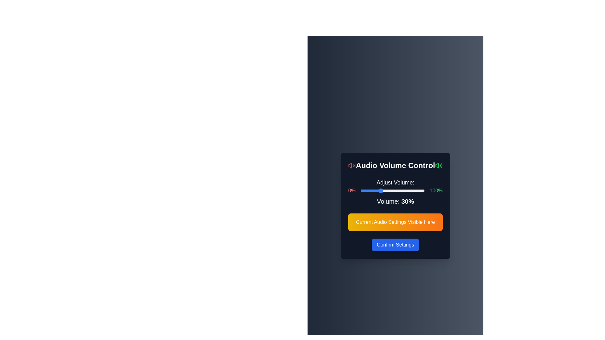 Image resolution: width=605 pixels, height=340 pixels. I want to click on the volume slider to 88%, so click(417, 190).